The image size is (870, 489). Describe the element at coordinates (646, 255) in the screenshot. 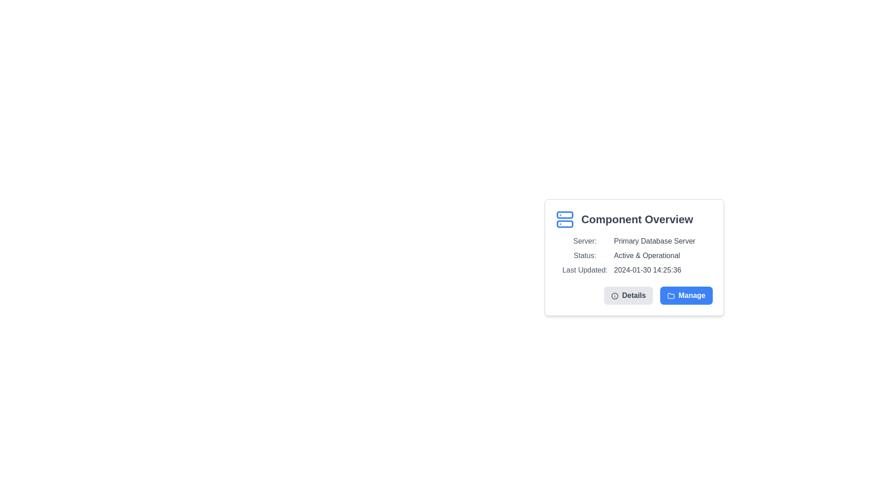

I see `the informational Text label displaying 'Active & Operational', which is positioned to the right of the label 'Status:' within the informational card` at that location.